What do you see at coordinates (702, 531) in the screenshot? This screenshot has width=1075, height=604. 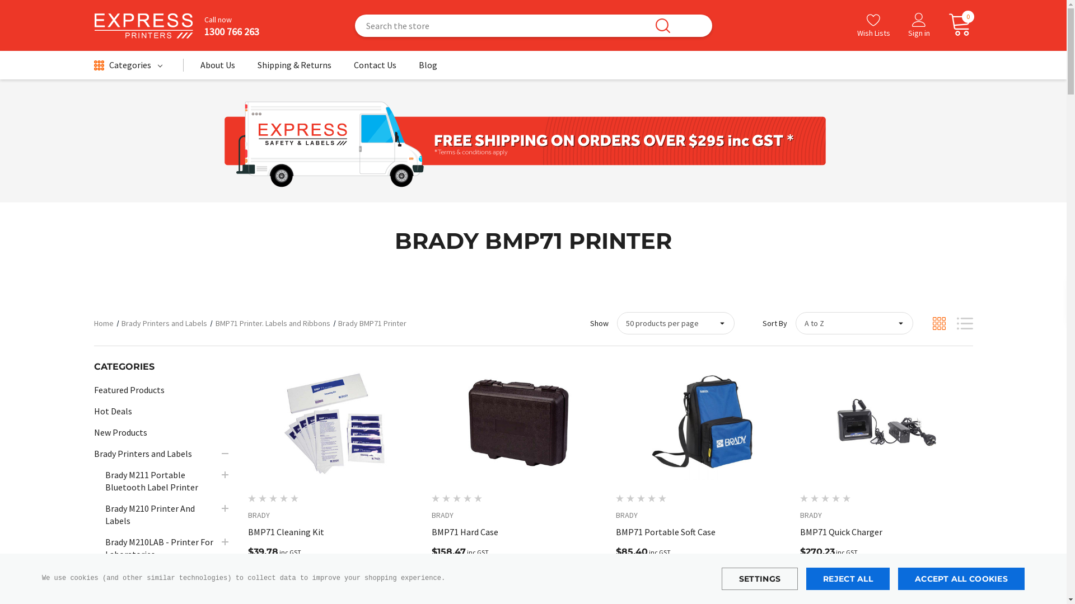 I see `'BMP71 Portable Soft Case'` at bounding box center [702, 531].